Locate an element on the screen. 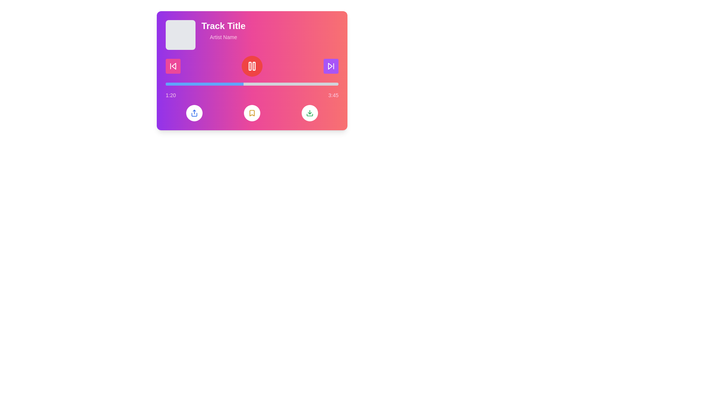  the bookmarking icon in the music player is located at coordinates (252, 113).